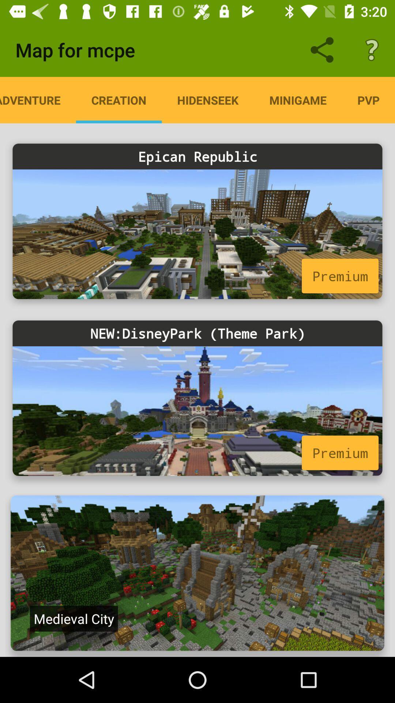 This screenshot has width=395, height=703. Describe the element at coordinates (197, 398) in the screenshot. I see `the second image from the creation` at that location.